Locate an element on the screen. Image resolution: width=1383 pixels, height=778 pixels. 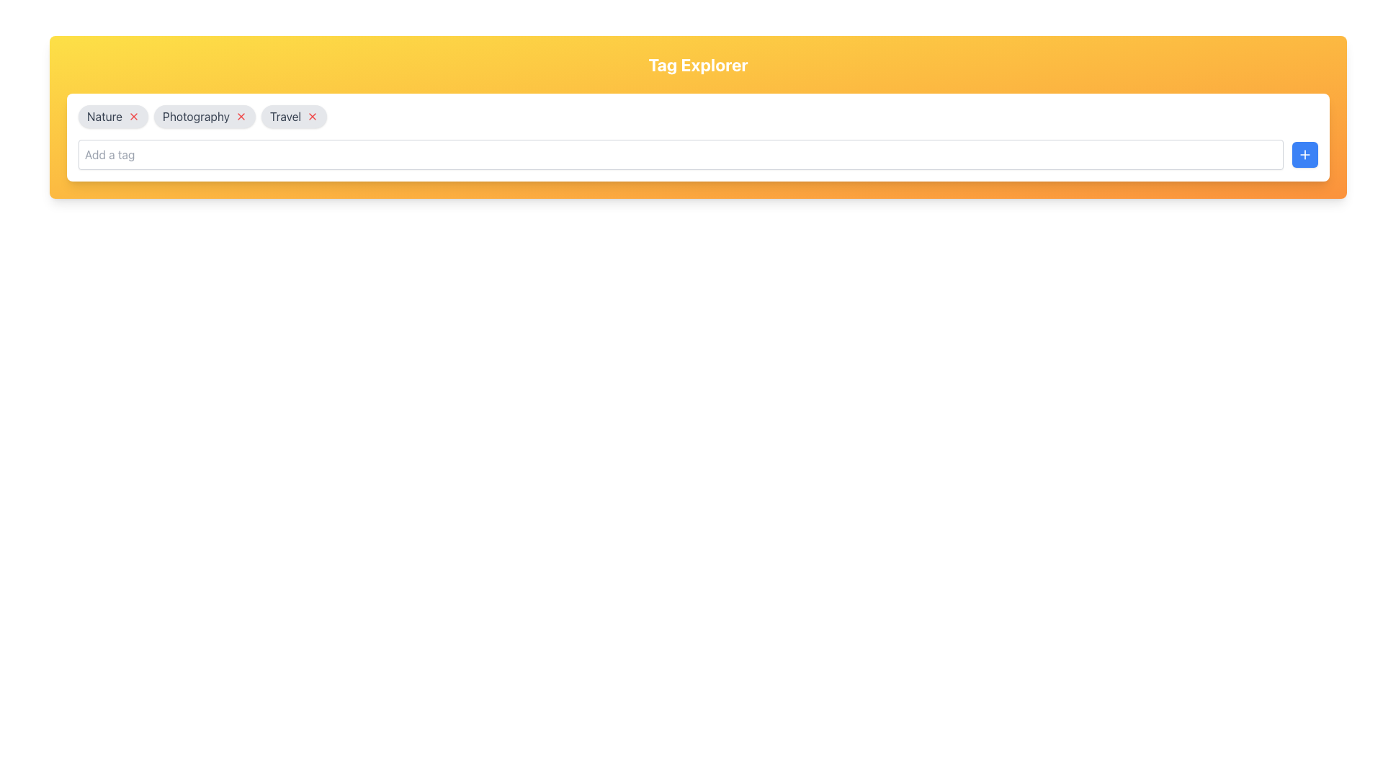
the small red 'X' icon within a gray circular background located next to the 'Nature' text is located at coordinates (134, 116).